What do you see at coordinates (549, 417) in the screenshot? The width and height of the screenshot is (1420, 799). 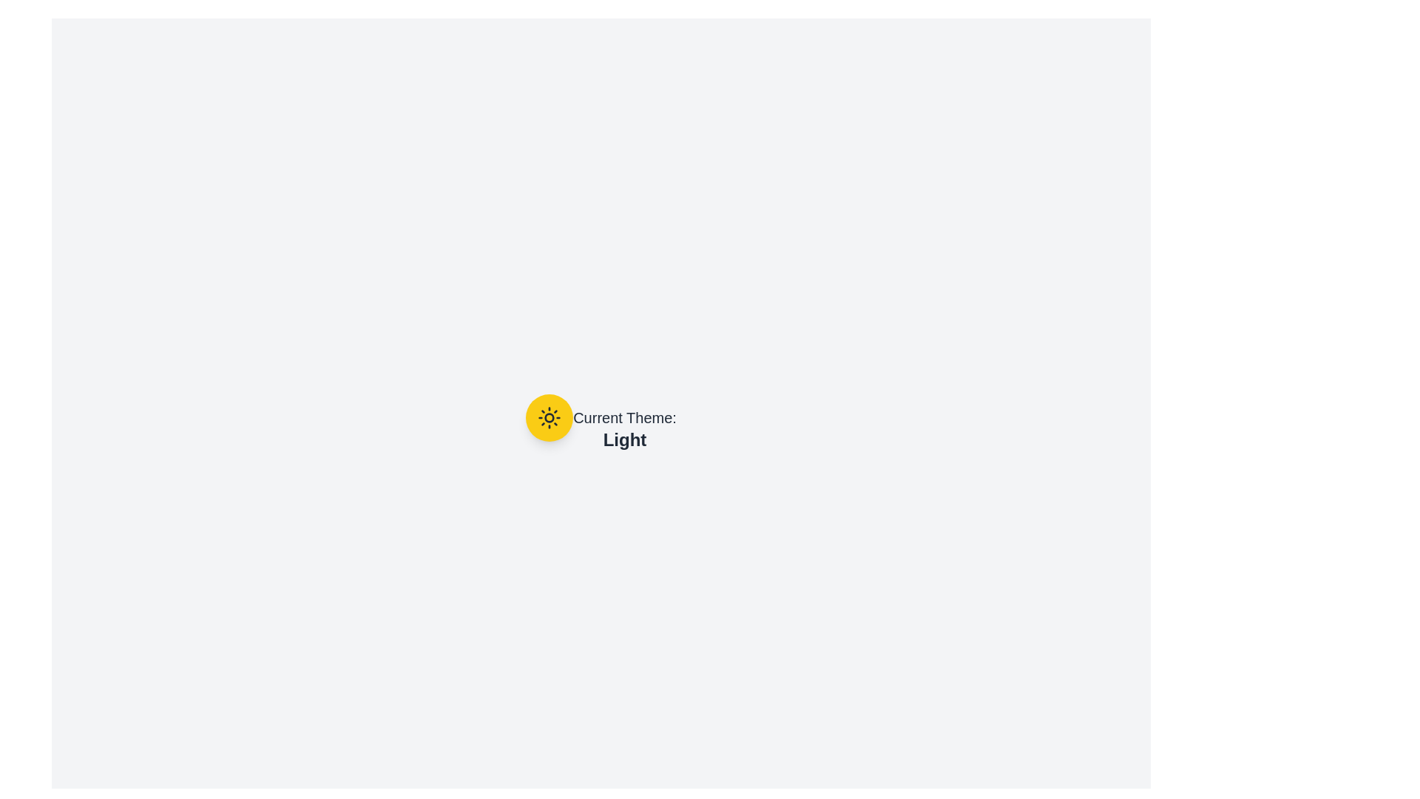 I see `the theme toggle button to change the theme` at bounding box center [549, 417].